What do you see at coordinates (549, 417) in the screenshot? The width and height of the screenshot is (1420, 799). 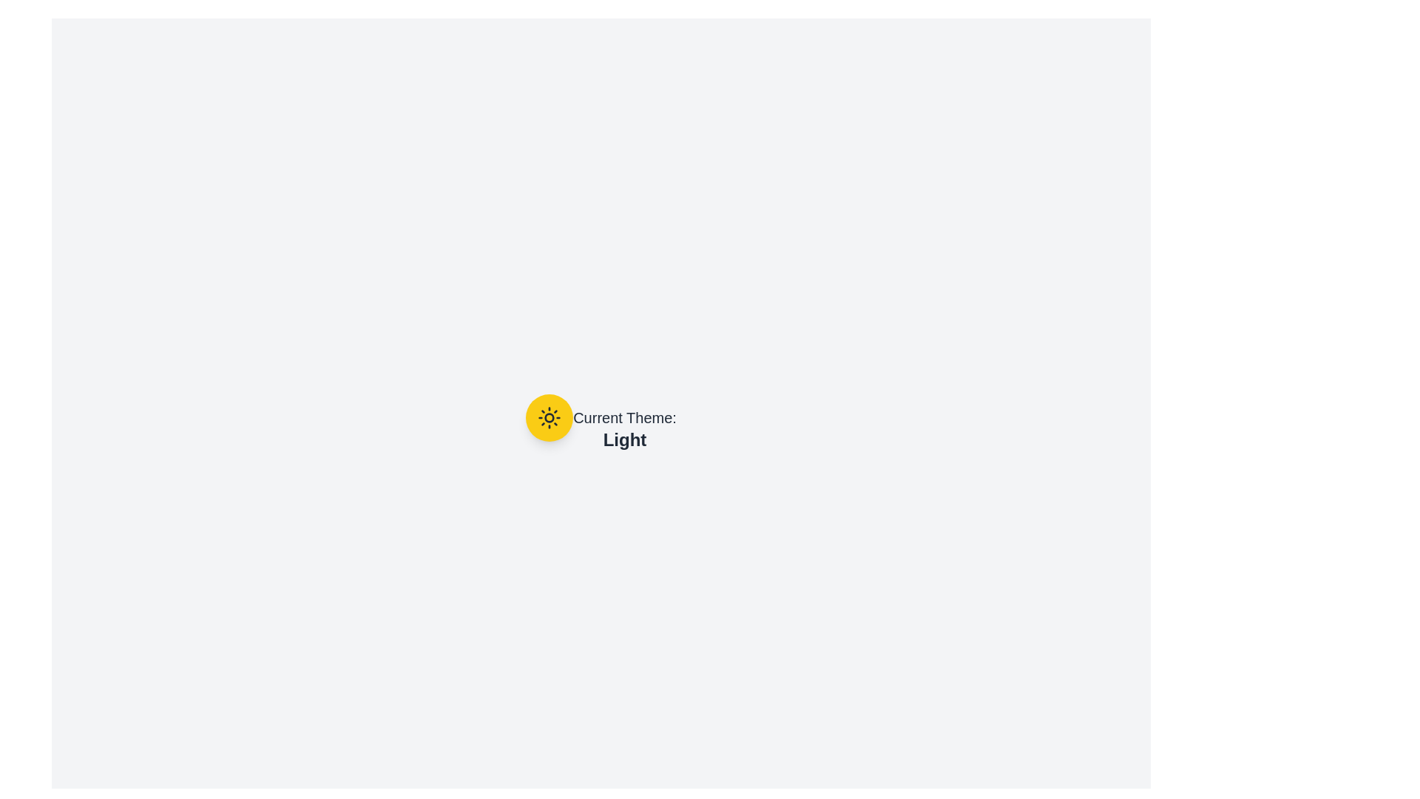 I see `the theme toggle button to change the theme` at bounding box center [549, 417].